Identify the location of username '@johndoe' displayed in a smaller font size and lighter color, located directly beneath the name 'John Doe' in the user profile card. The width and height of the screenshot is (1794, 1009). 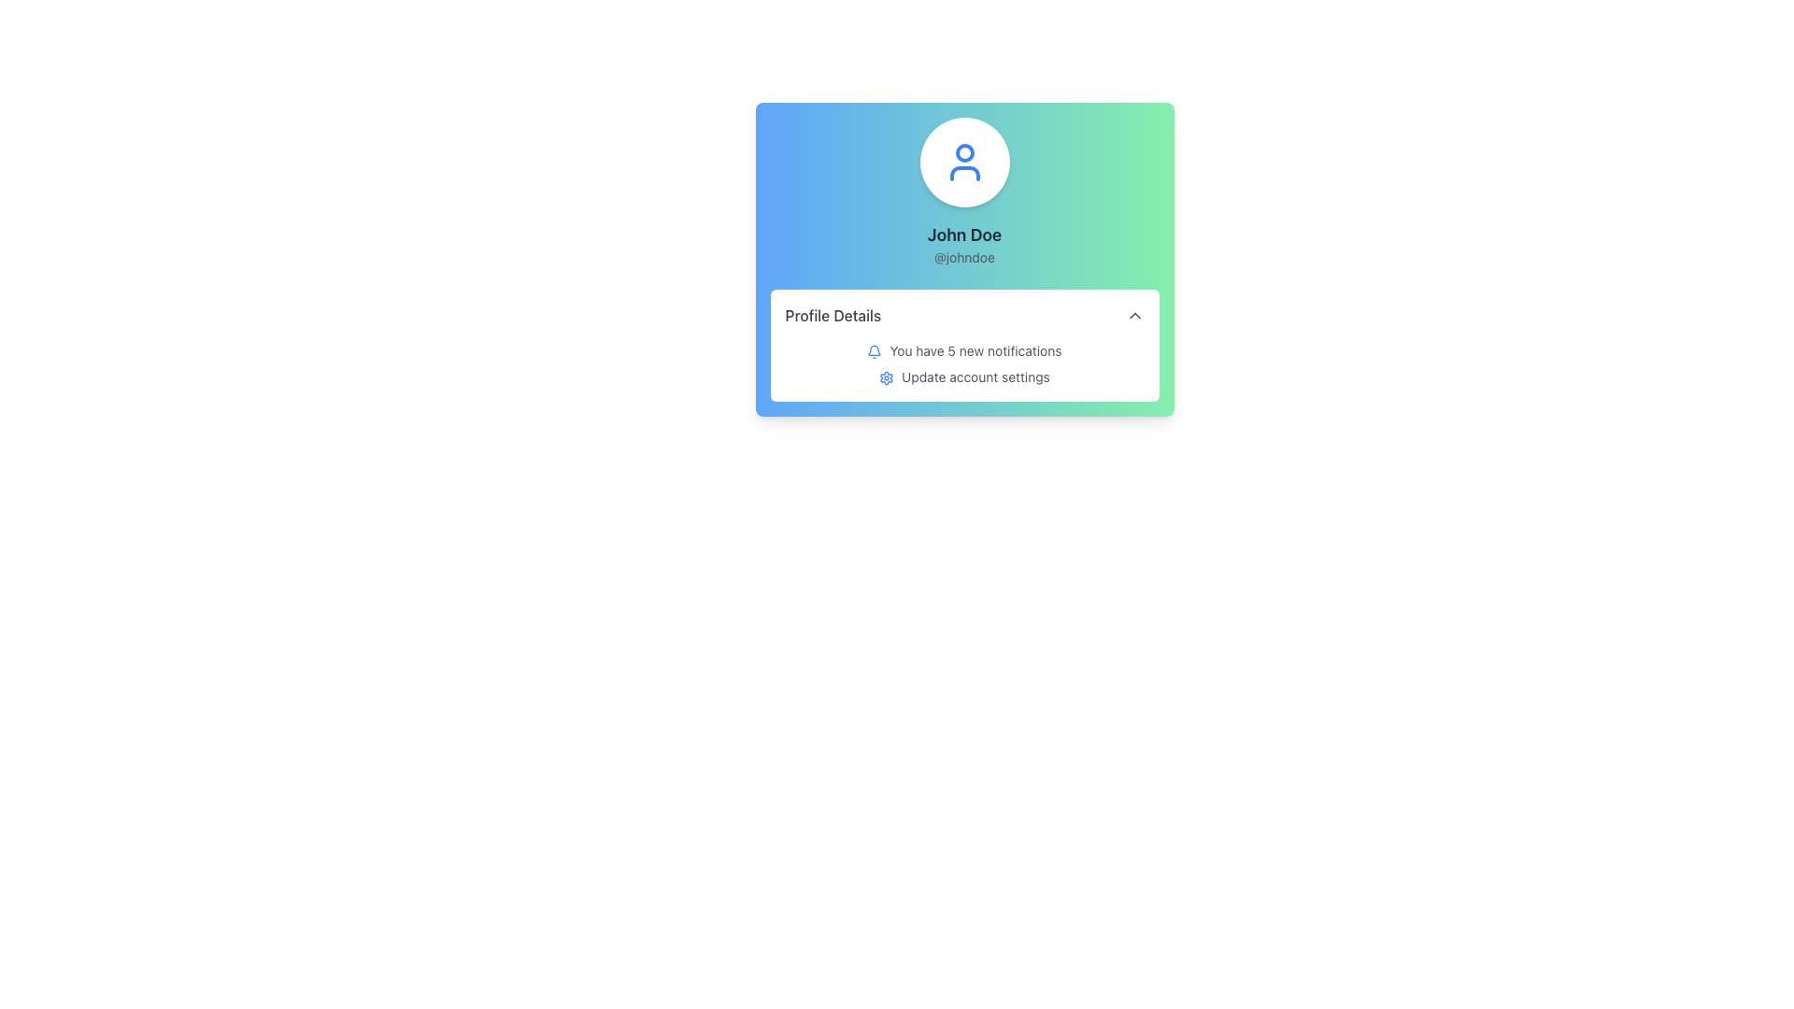
(964, 258).